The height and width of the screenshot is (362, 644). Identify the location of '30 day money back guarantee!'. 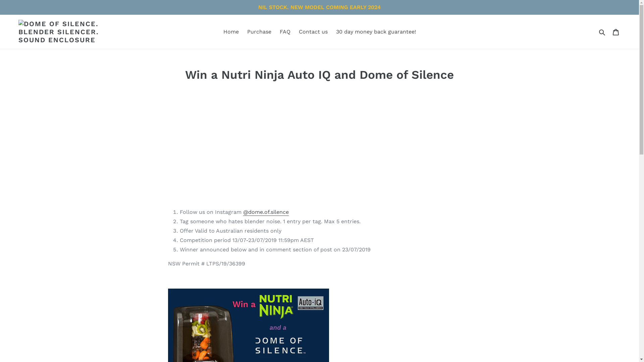
(376, 32).